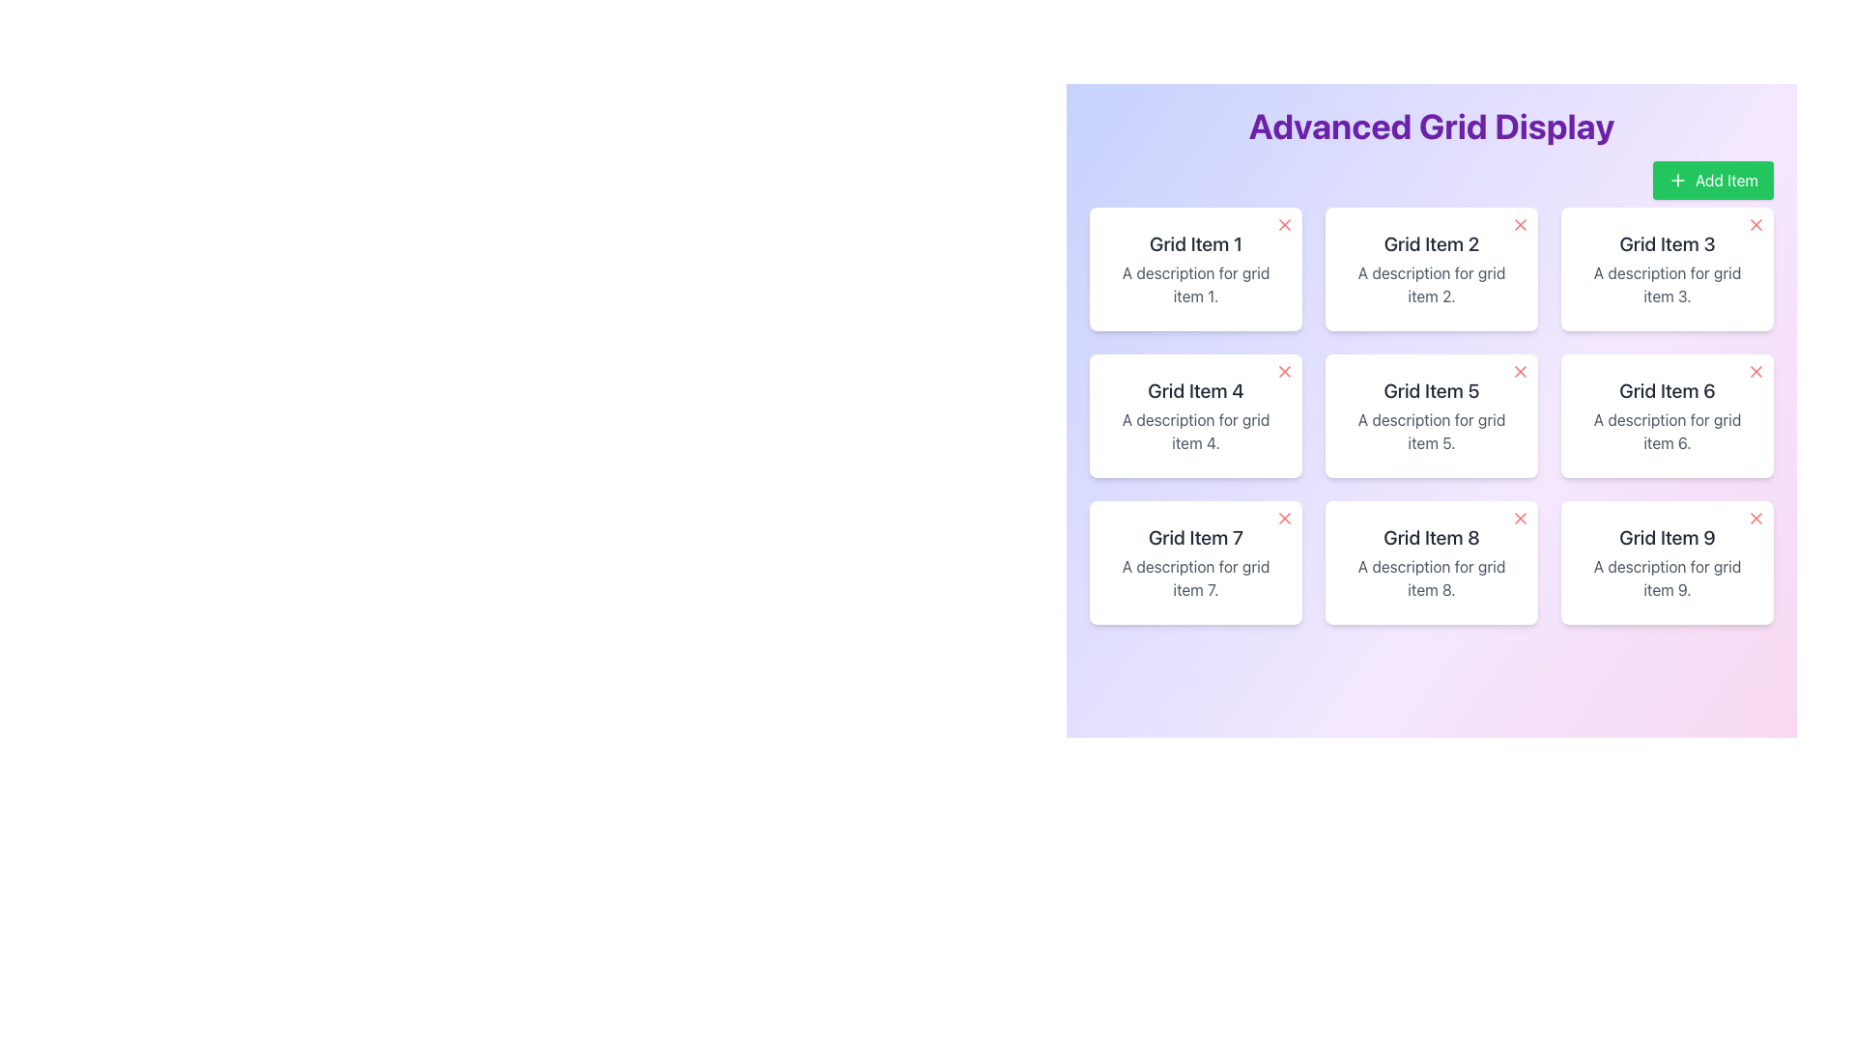  I want to click on the close or delete button located in the top-right corner of the card labeled 'Grid Item 8', so click(1520, 517).